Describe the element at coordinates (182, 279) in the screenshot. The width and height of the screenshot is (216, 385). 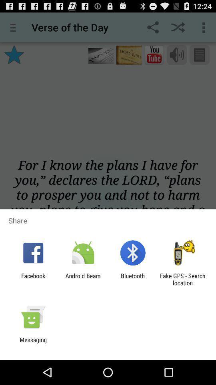
I see `the fake gps search item` at that location.